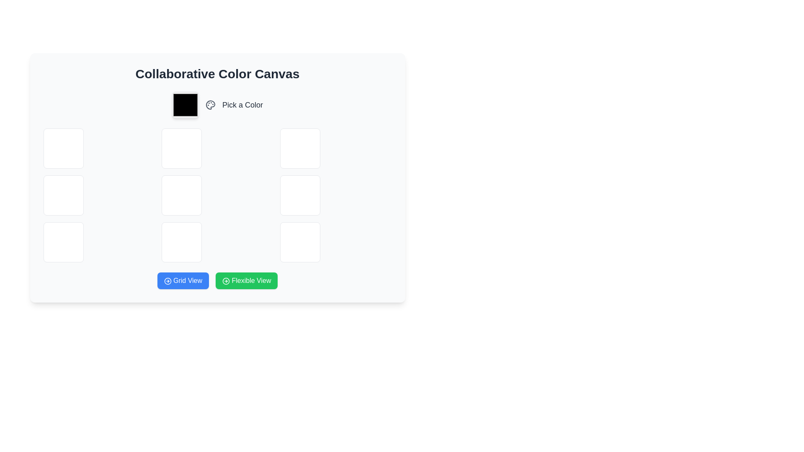  I want to click on the sixth square grid item element, which is a rectangular box with a white background and rounded corners, located in the second row and third column of a 3x3 grid layout, so click(300, 195).